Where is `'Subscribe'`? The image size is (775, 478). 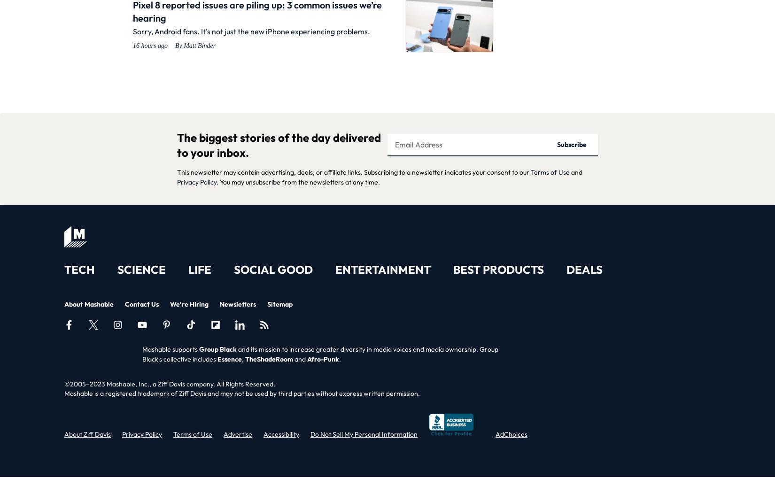 'Subscribe' is located at coordinates (571, 144).